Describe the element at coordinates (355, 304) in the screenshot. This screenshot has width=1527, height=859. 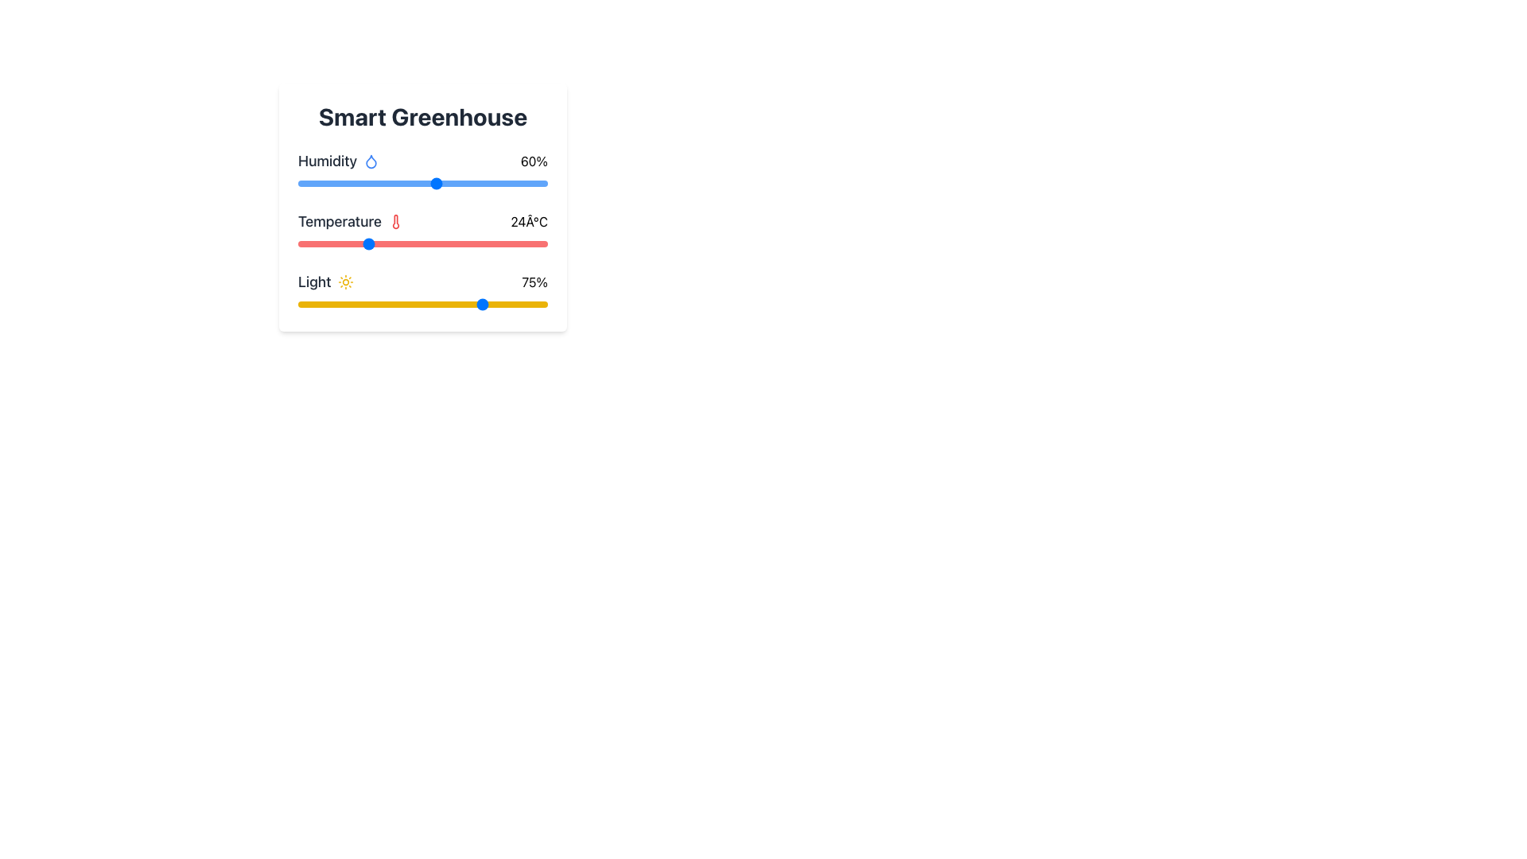
I see `light intensity` at that location.